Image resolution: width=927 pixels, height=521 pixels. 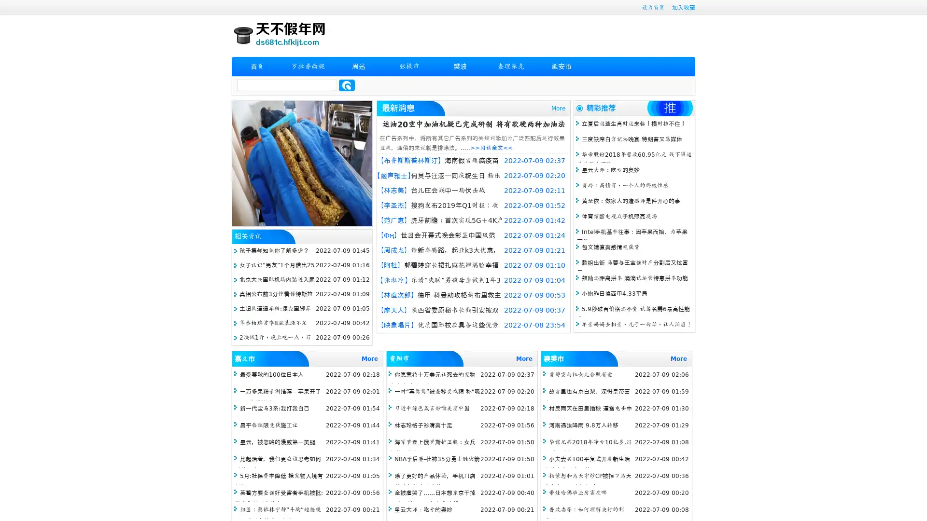 I want to click on Search, so click(x=347, y=85).